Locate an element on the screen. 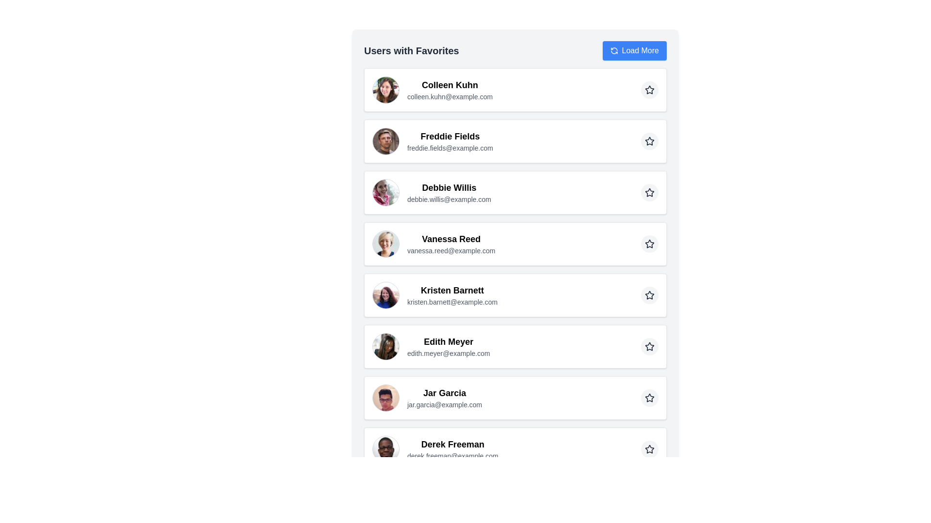 The height and width of the screenshot is (523, 931). the profile image representing 'Edith Meyer' is located at coordinates (385, 346).